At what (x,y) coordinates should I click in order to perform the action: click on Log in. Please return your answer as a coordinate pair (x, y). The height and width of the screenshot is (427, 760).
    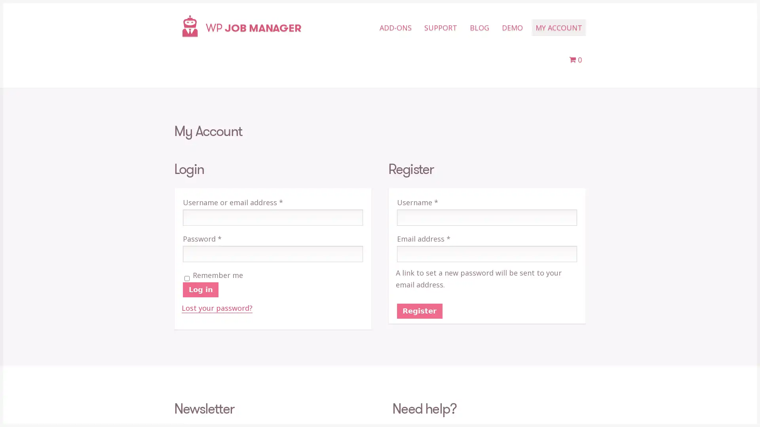
    Looking at the image, I should click on (201, 289).